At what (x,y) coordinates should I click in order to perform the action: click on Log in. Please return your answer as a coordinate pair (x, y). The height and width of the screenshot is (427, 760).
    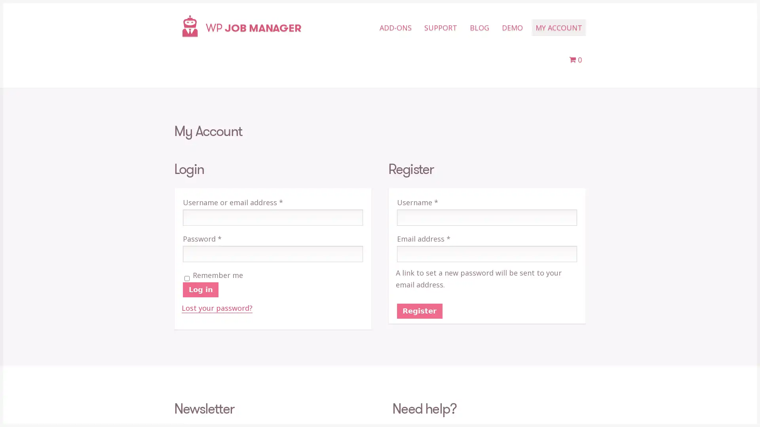
    Looking at the image, I should click on (201, 289).